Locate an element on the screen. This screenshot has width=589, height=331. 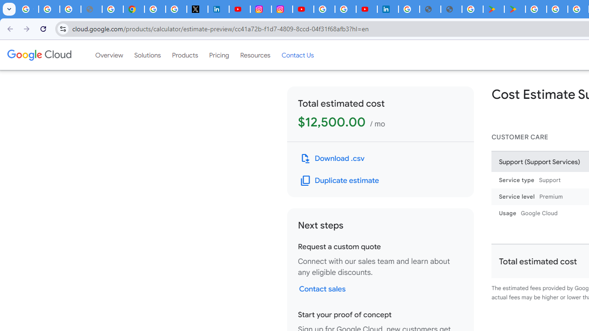
'Download .csv file' is located at coordinates (332, 158).